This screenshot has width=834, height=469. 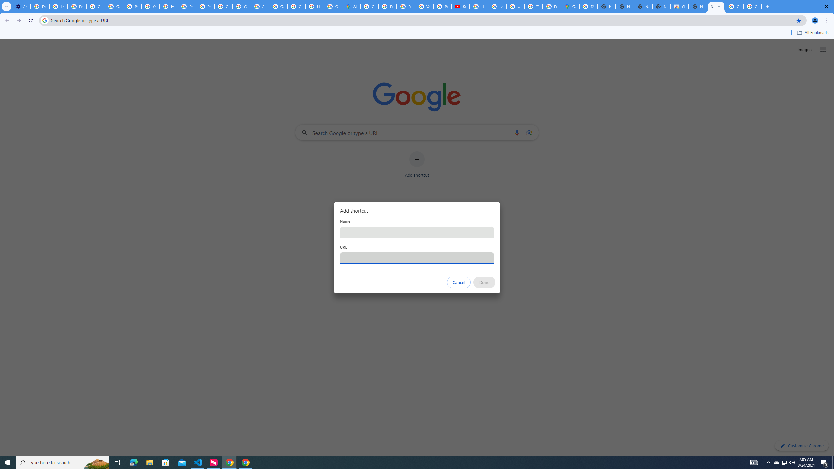 What do you see at coordinates (113, 6) in the screenshot?
I see `'Google Account Help'` at bounding box center [113, 6].